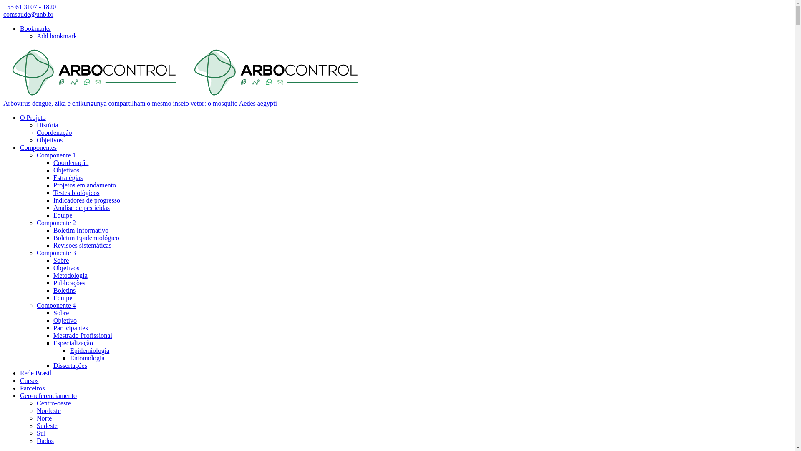 This screenshot has width=801, height=451. What do you see at coordinates (83, 335) in the screenshot?
I see `'Mestrado Profissional'` at bounding box center [83, 335].